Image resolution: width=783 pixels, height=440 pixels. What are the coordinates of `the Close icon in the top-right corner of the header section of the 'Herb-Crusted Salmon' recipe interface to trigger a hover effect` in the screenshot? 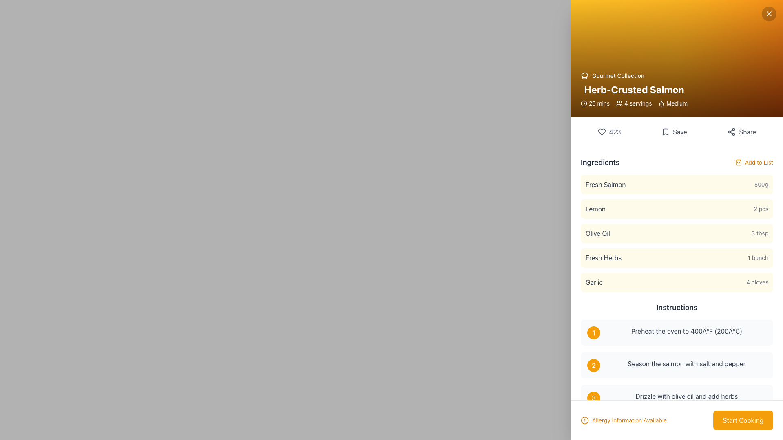 It's located at (769, 14).